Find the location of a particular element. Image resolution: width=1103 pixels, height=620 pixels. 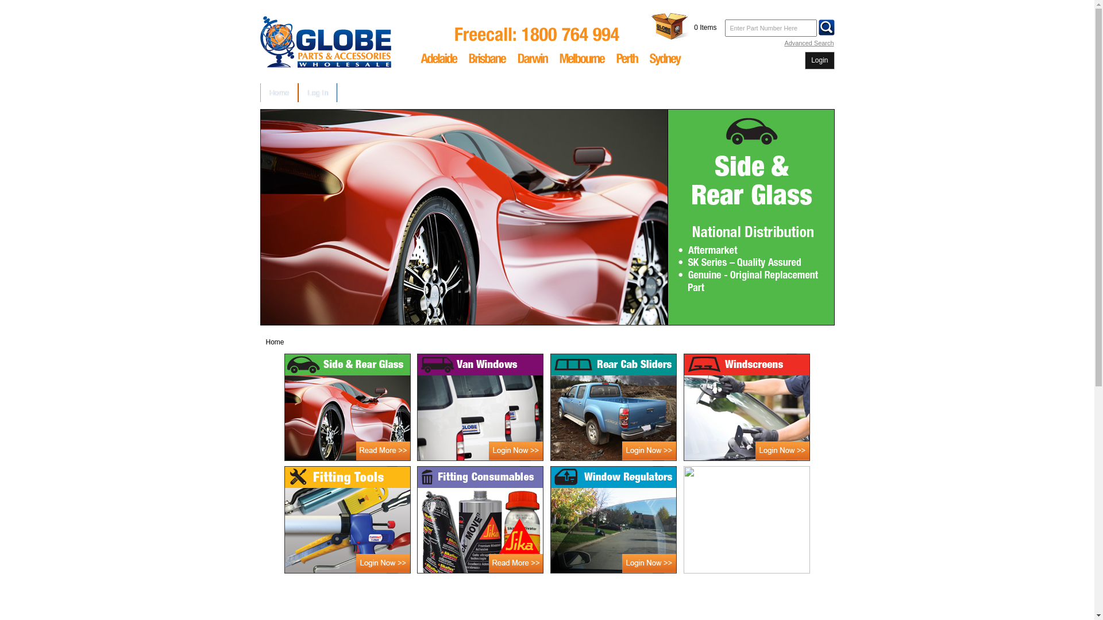

'Advanced Search' is located at coordinates (808, 42).